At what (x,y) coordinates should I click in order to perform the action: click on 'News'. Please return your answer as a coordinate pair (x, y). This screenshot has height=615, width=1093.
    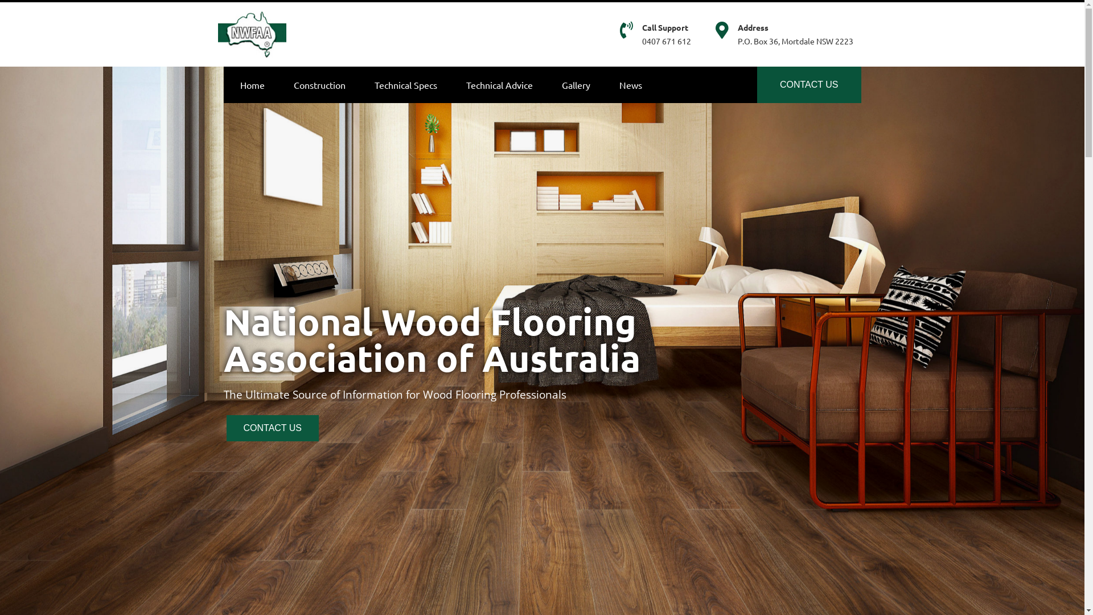
    Looking at the image, I should click on (630, 83).